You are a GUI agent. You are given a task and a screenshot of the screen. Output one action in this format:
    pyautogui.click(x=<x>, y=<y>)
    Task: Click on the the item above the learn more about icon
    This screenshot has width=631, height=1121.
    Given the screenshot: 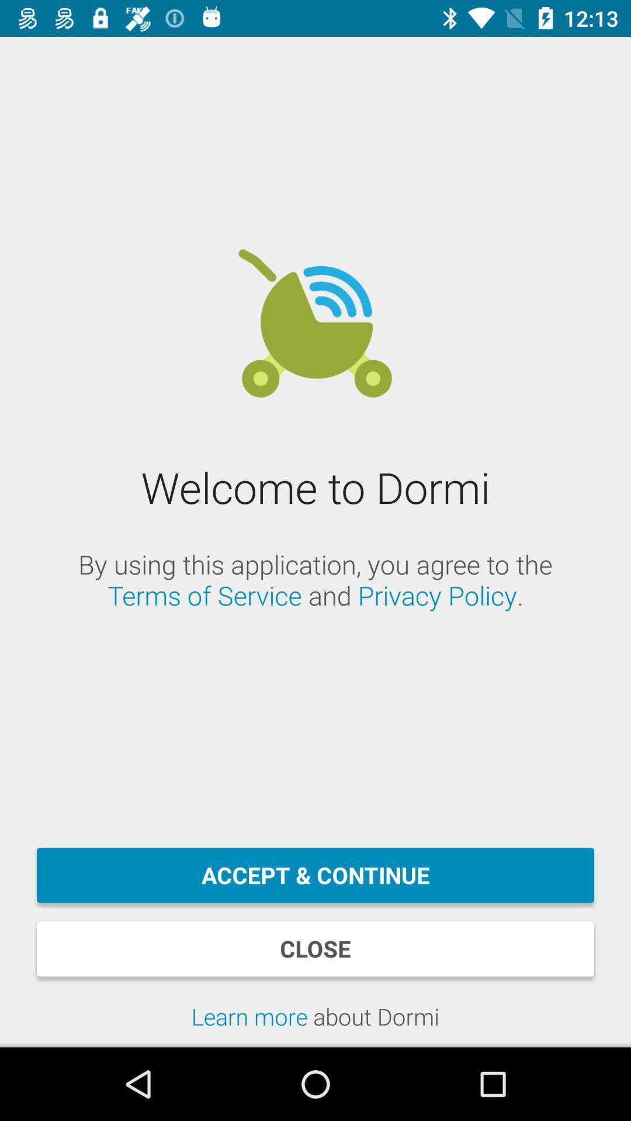 What is the action you would take?
    pyautogui.click(x=315, y=949)
    